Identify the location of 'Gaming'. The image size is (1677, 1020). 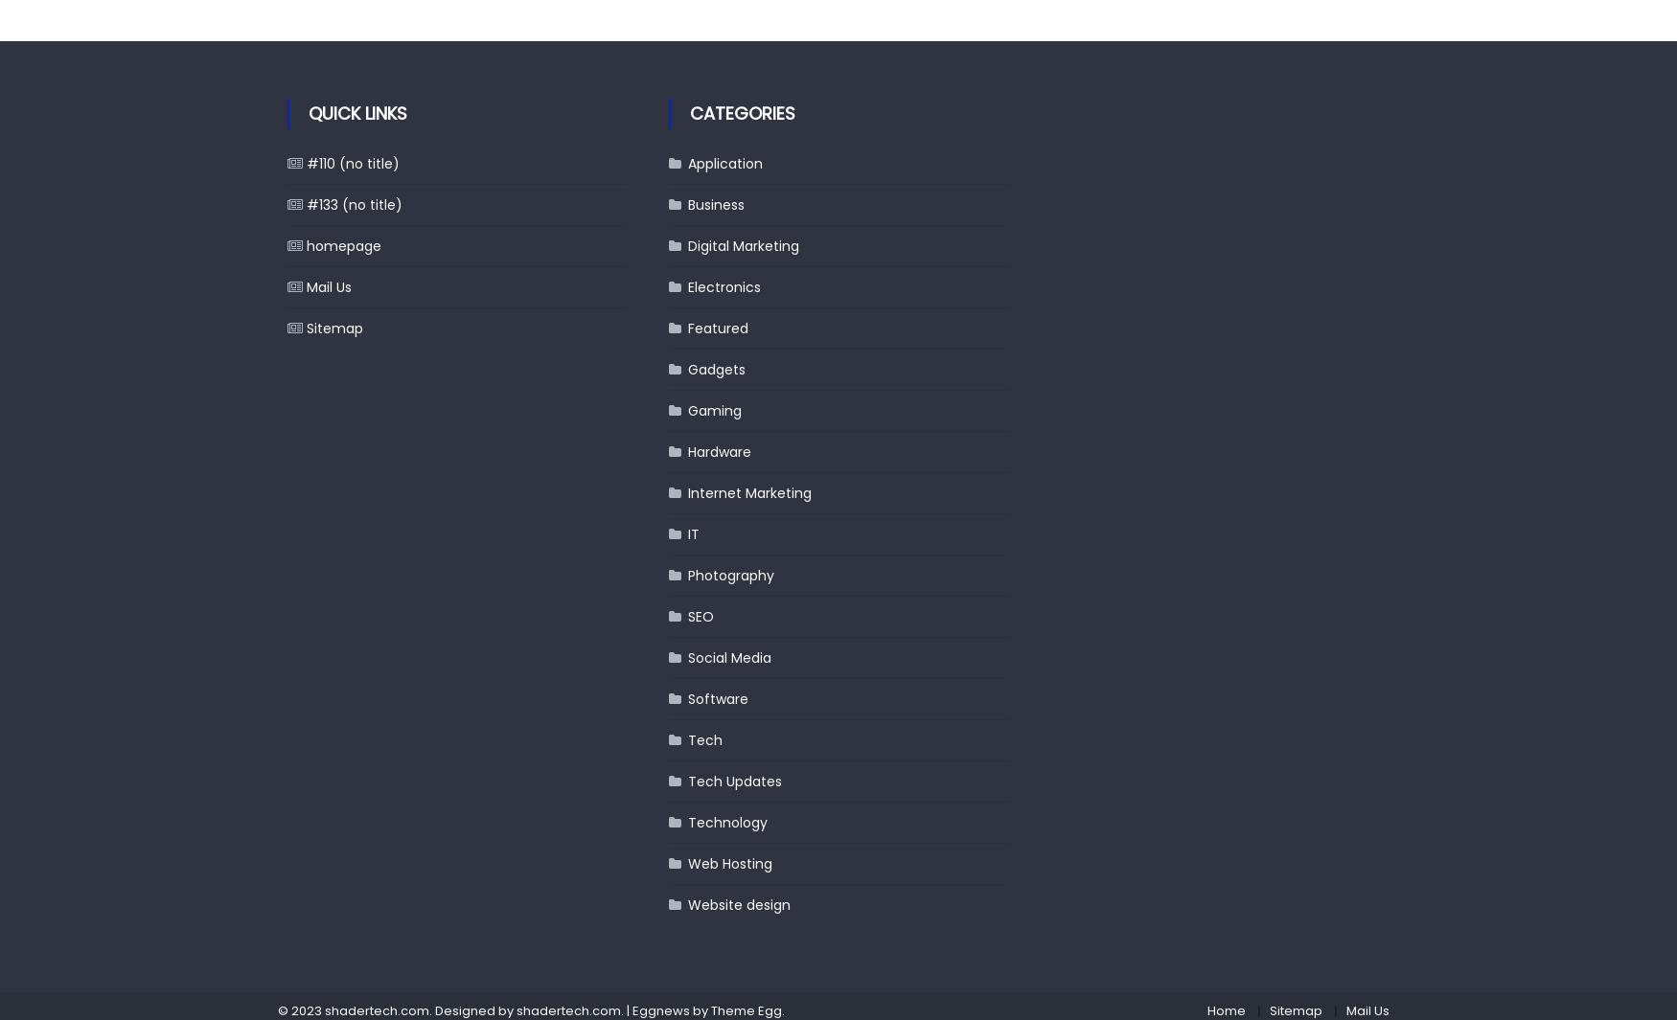
(715, 409).